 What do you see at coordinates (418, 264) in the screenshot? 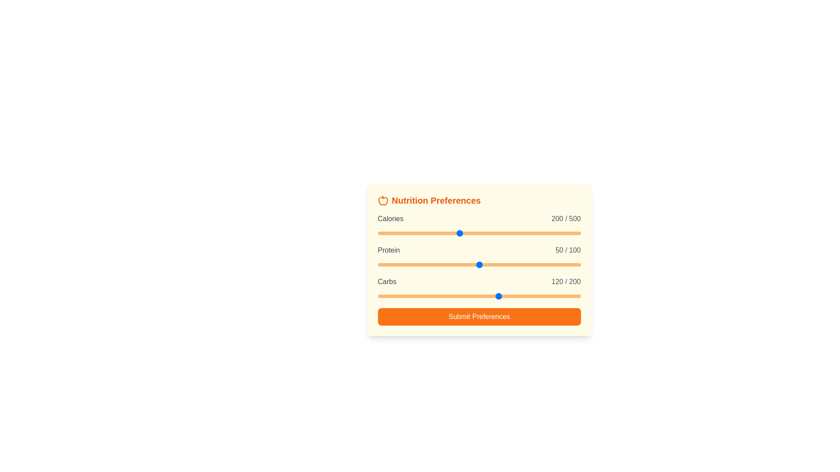
I see `the protein intake value` at bounding box center [418, 264].